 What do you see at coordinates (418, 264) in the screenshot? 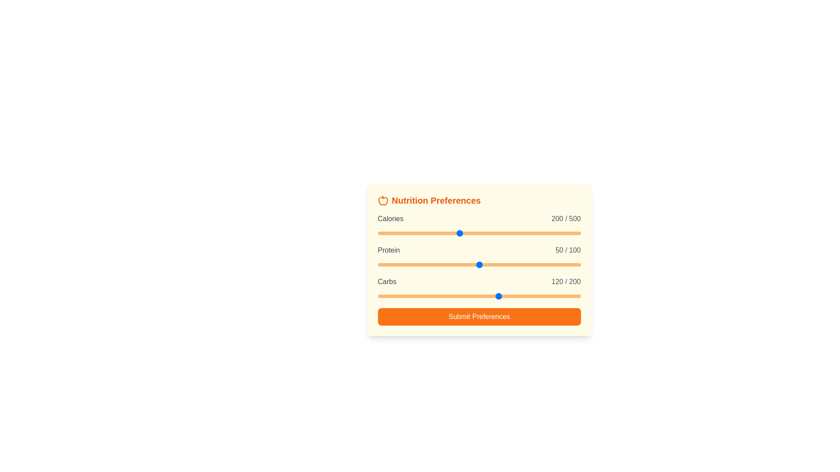
I see `the protein intake value` at bounding box center [418, 264].